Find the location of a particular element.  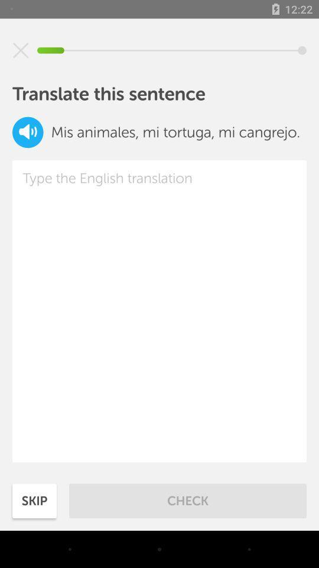

stop the audio that is translating this sentence is located at coordinates (21, 50).